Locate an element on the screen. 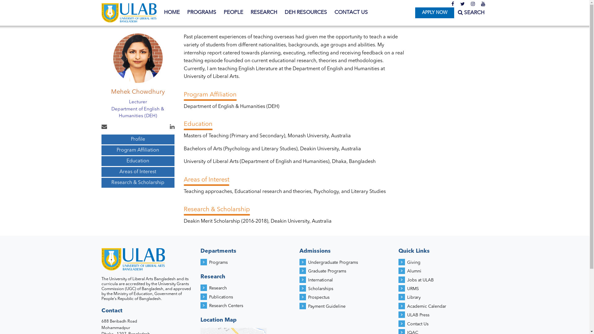 The height and width of the screenshot is (334, 594). 'DEH RESOURCES' is located at coordinates (306, 13).